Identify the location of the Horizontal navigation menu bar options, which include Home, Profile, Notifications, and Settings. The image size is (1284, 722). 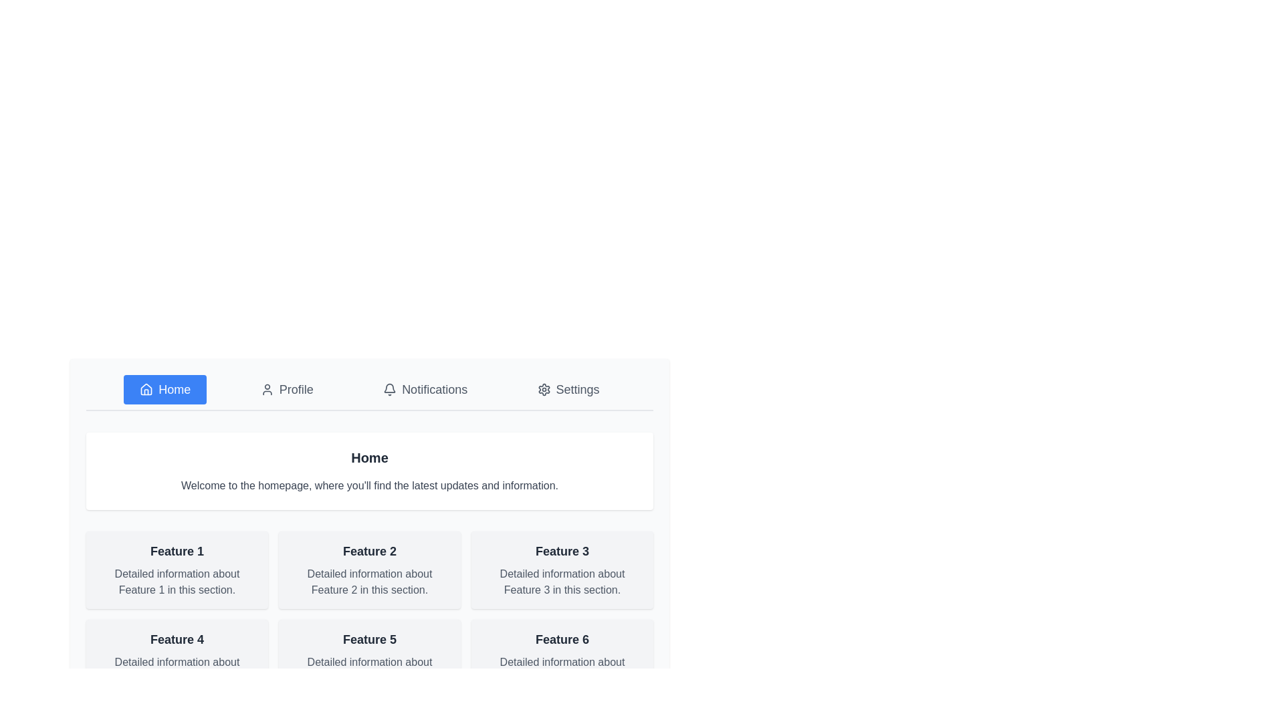
(369, 392).